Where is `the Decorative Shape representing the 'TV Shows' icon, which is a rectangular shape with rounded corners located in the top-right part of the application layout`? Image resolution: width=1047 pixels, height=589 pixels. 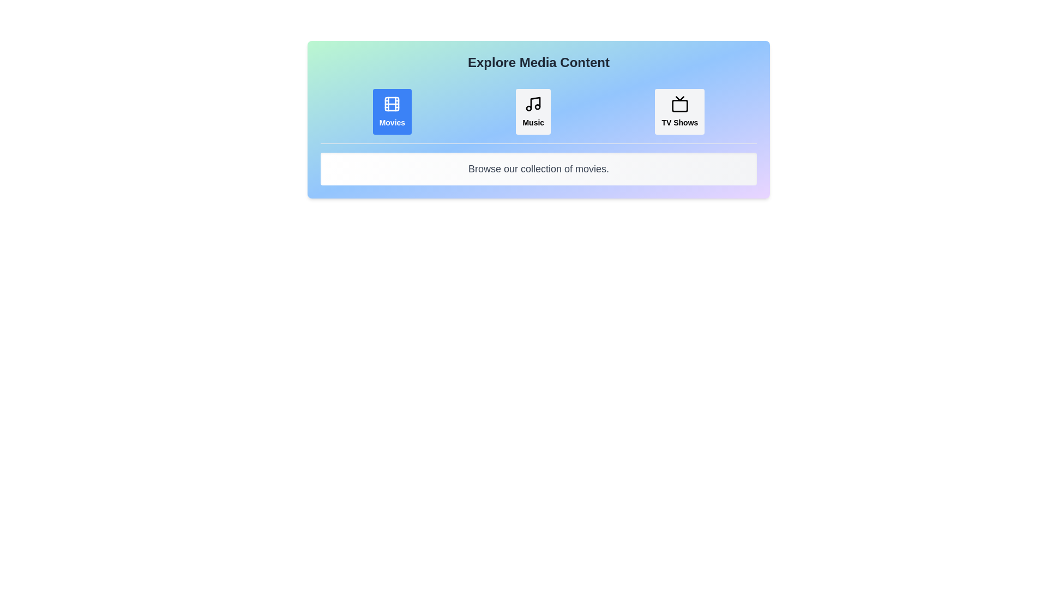
the Decorative Shape representing the 'TV Shows' icon, which is a rectangular shape with rounded corners located in the top-right part of the application layout is located at coordinates (679, 106).